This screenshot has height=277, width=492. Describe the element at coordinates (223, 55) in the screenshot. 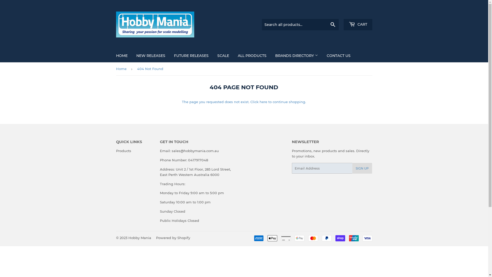

I see `'SCALE'` at that location.